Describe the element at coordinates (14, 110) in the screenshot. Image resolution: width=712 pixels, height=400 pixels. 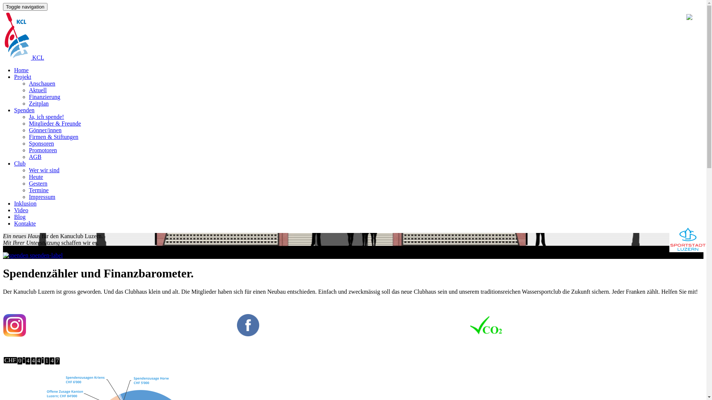
I see `'Spenden'` at that location.